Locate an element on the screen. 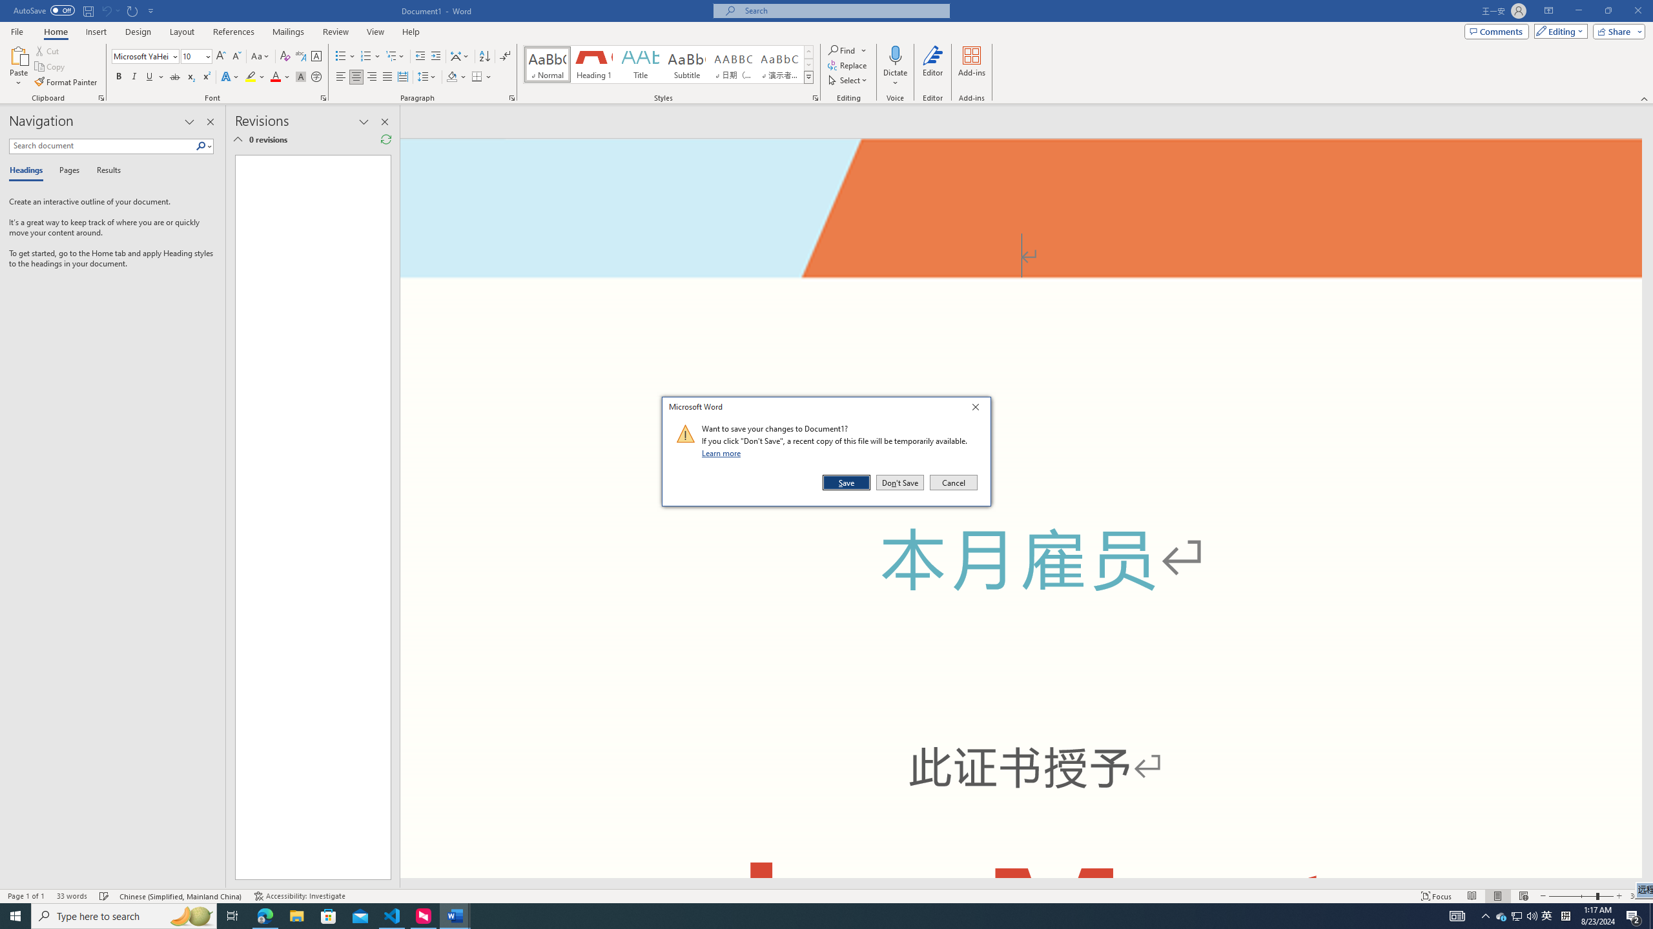 This screenshot has width=1653, height=929. 'Tray Input Indicator - Chinese (Simplified, China)' is located at coordinates (1565, 915).